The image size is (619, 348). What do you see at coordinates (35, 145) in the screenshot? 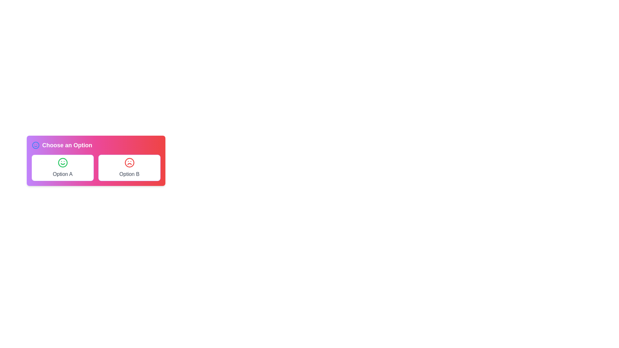
I see `the circular smiley face icon with a blue outline located next to the heading 'Choose an Option'` at bounding box center [35, 145].